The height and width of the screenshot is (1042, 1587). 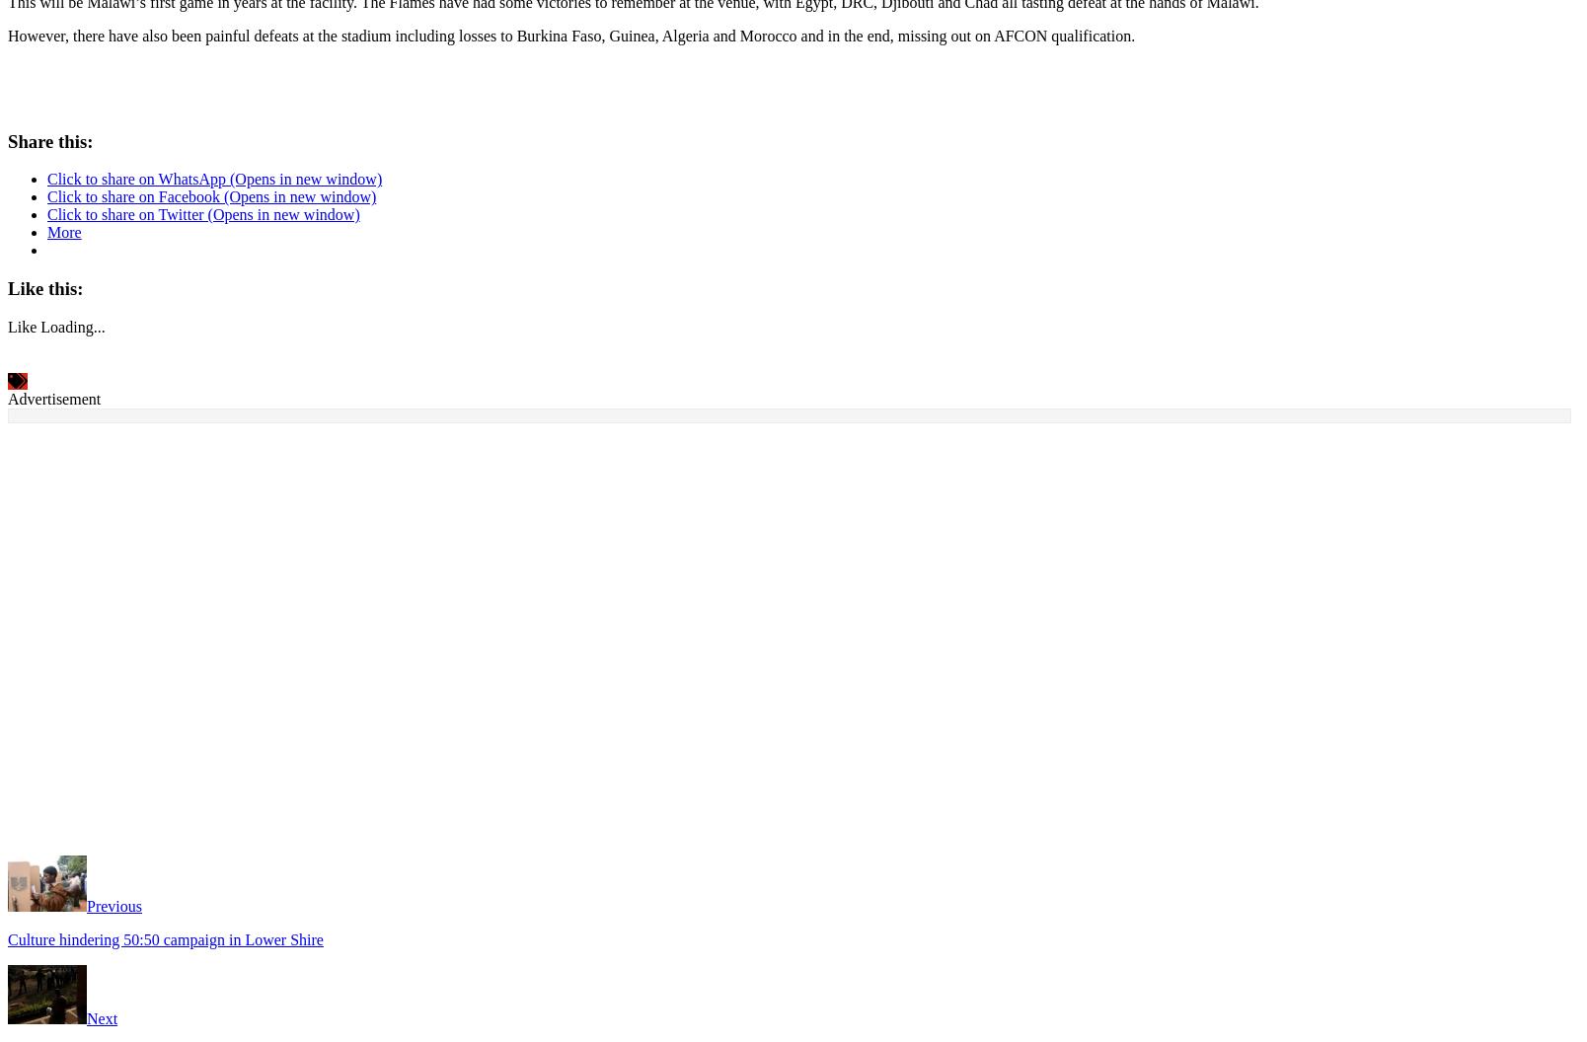 I want to click on 'Click to share on WhatsApp (Opens in new window)', so click(x=46, y=175).